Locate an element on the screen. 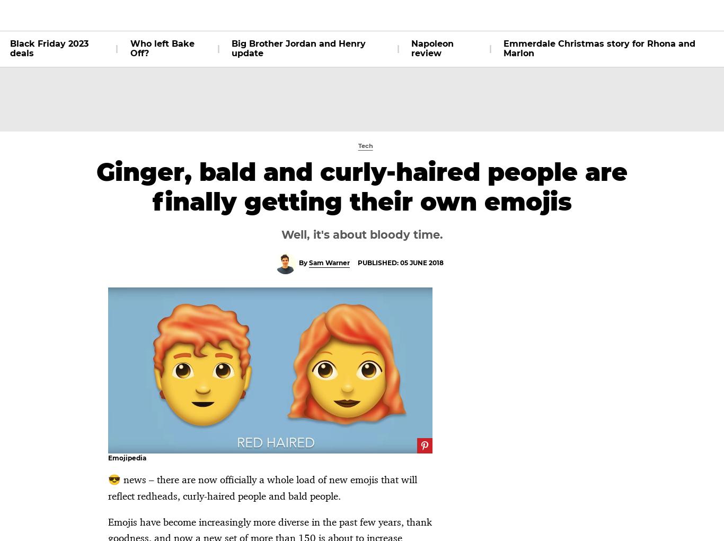  'Soaps' is located at coordinates (264, 14).